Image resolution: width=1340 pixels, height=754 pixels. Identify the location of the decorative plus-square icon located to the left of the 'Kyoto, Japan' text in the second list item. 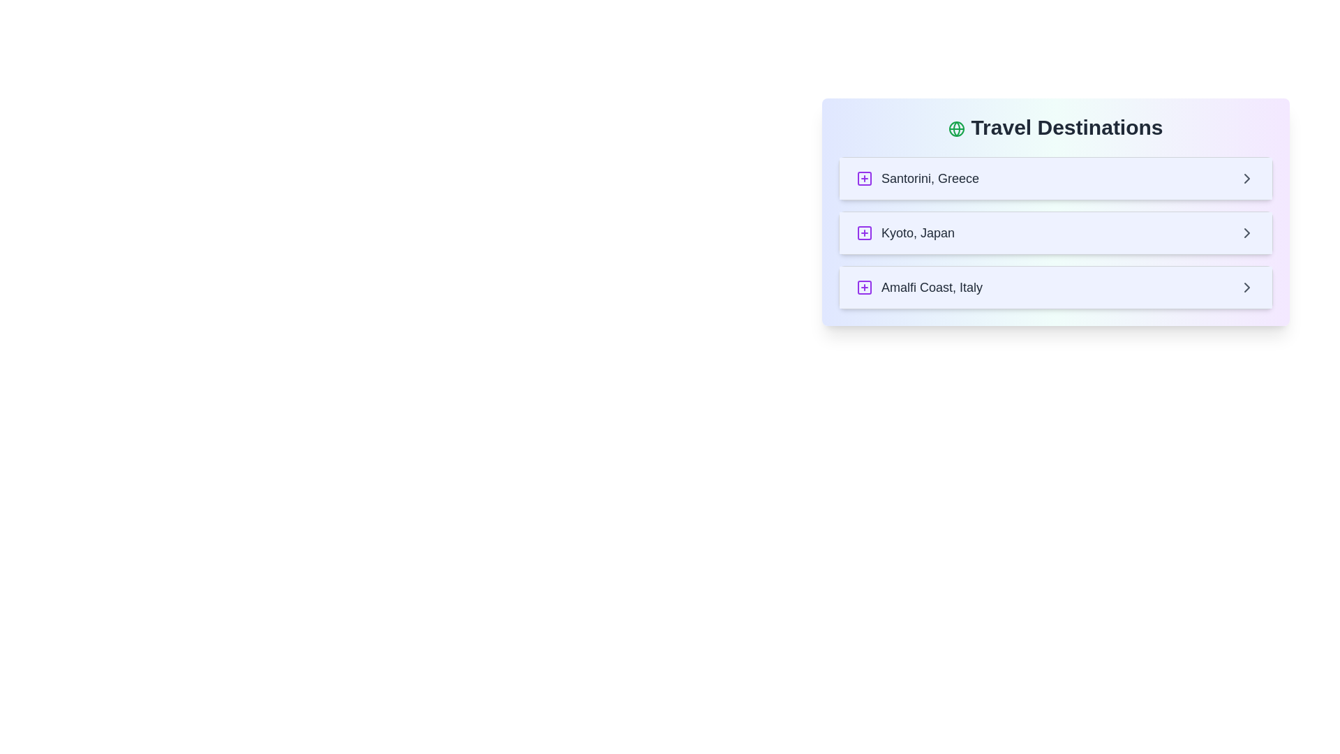
(863, 232).